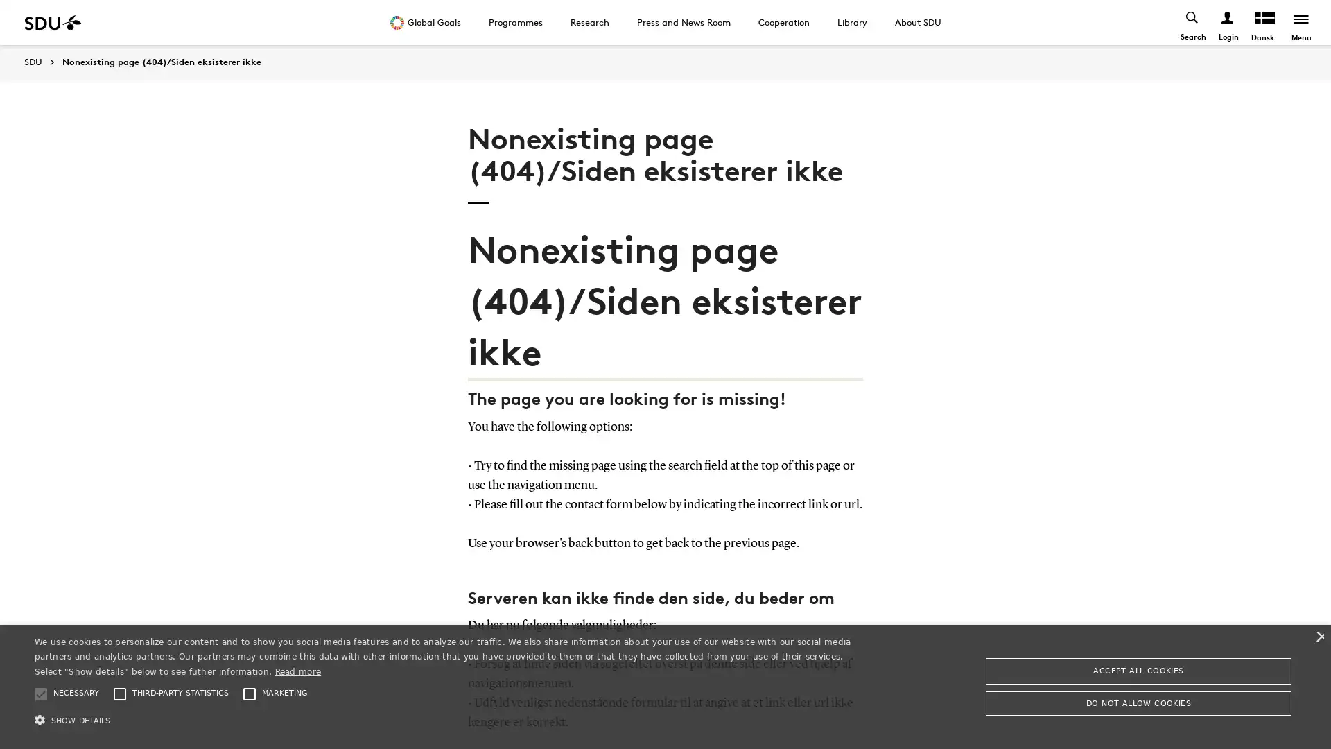  Describe the element at coordinates (1138, 670) in the screenshot. I see `ACCEPT ALL COOKIES` at that location.